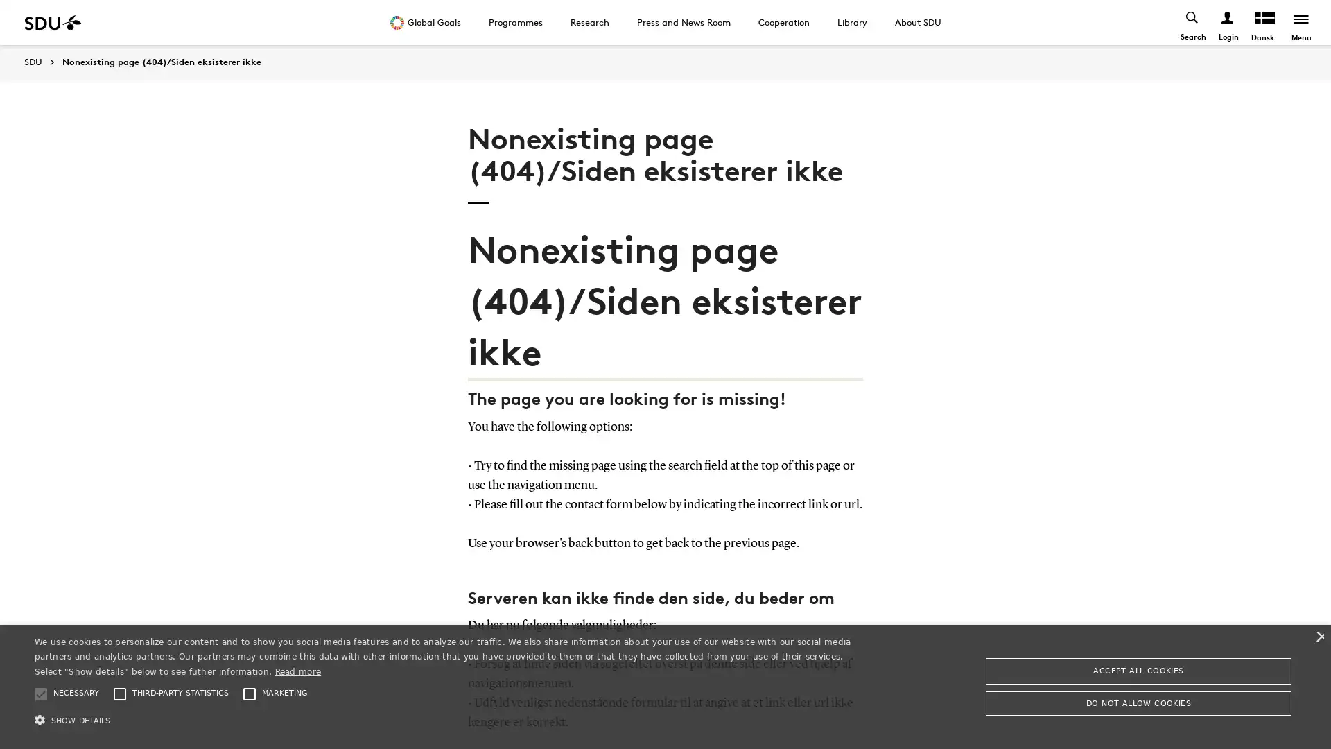  Describe the element at coordinates (1138, 670) in the screenshot. I see `ACCEPT ALL COOKIES` at that location.